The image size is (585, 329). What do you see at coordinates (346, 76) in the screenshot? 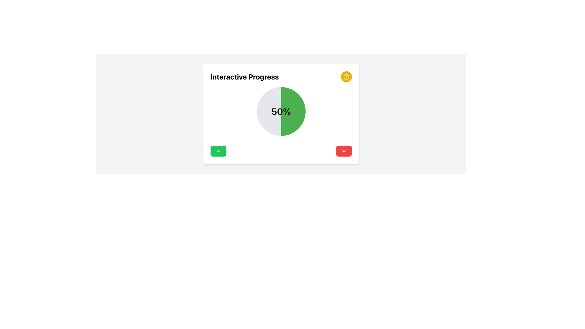
I see `the notification icon located at the top-right corner of the 'Interactive Progress' card, which serves as a visual alert or warning symbol` at bounding box center [346, 76].